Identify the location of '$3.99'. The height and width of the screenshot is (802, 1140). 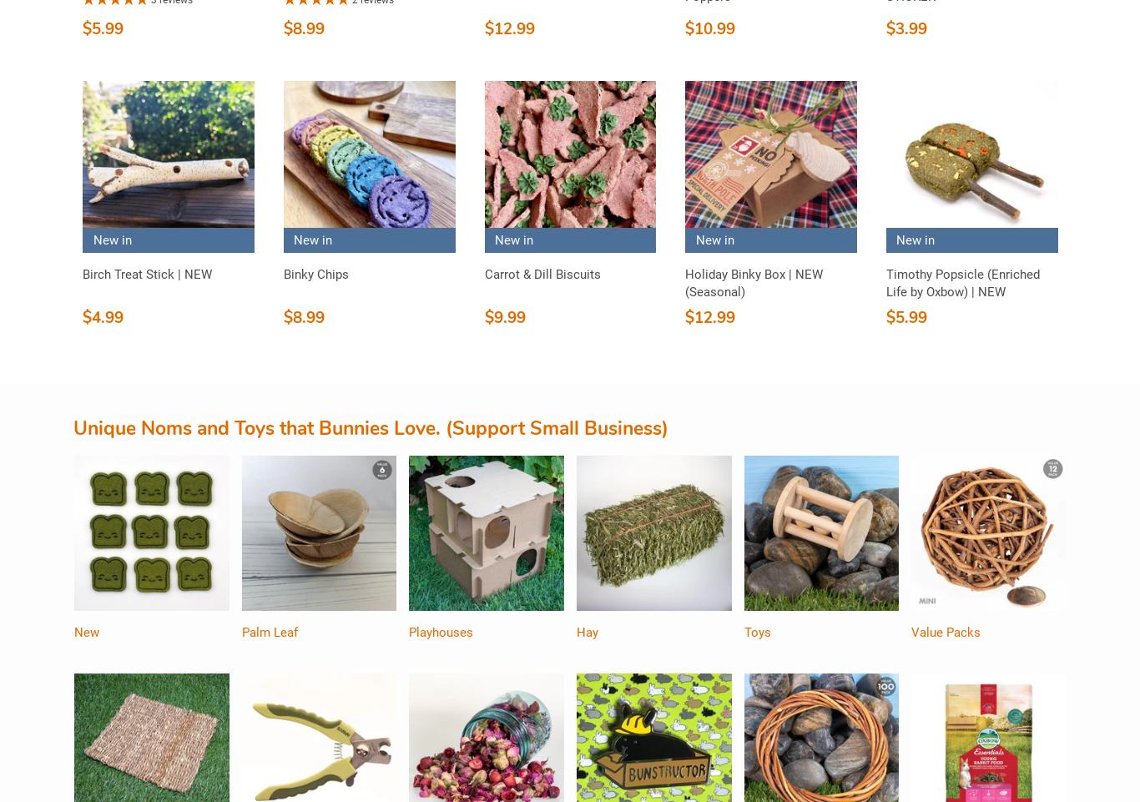
(884, 28).